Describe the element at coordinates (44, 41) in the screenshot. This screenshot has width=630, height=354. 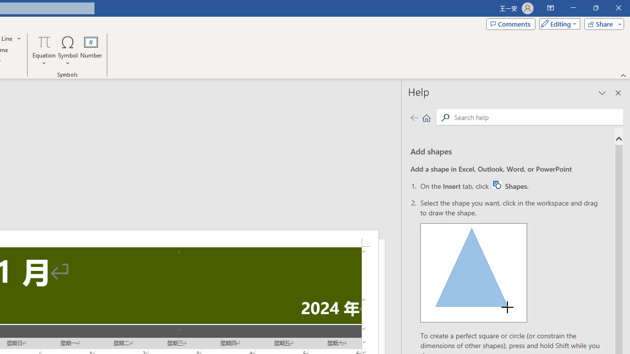
I see `'Equation'` at that location.